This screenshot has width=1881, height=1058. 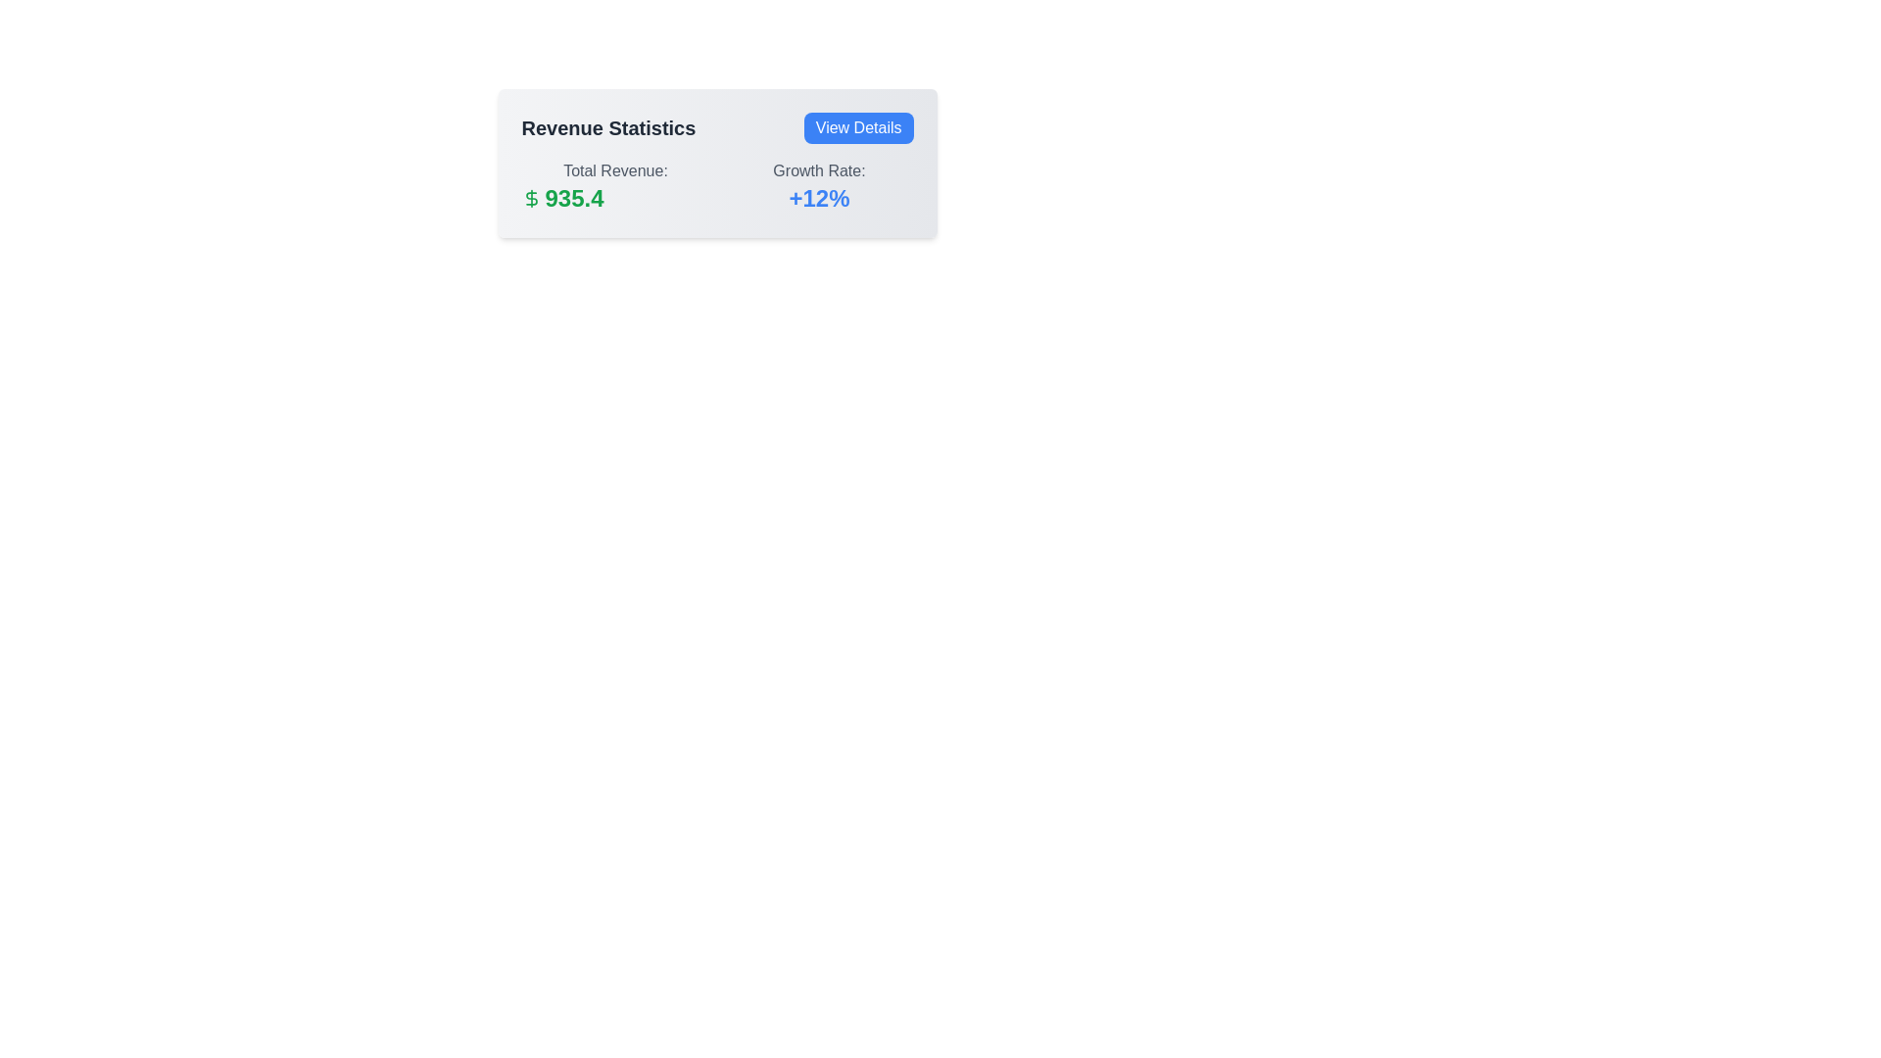 I want to click on the text-based informational component displaying the growth rate percentage, located in the right section of the panel underneath 'Revenue Statistics', so click(x=819, y=187).